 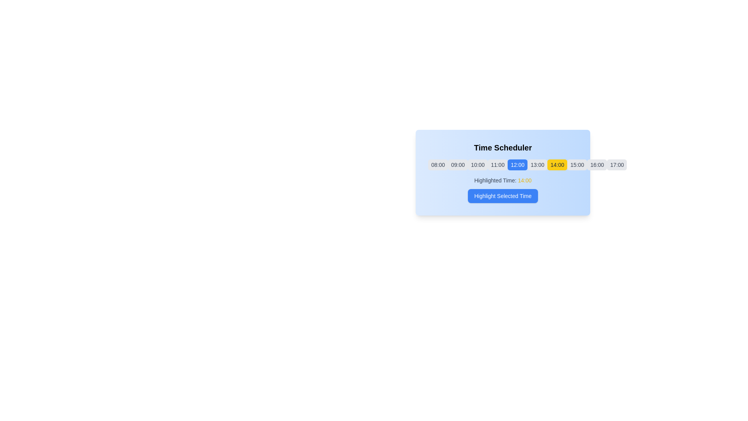 What do you see at coordinates (503, 195) in the screenshot?
I see `the rectangular button with a blue background and white text reading 'Highlight Selected Time' located centrally below 'Highlighted Time: 14:00'` at bounding box center [503, 195].